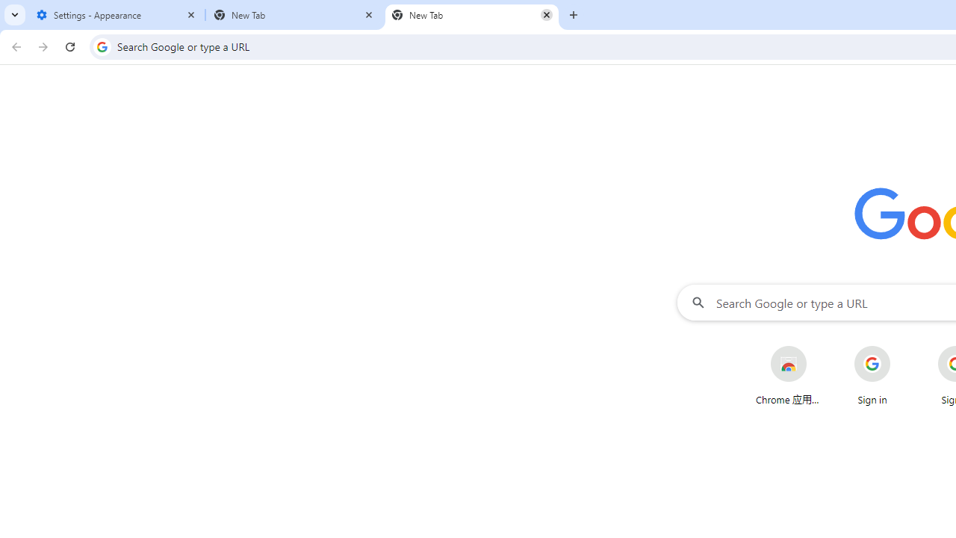  I want to click on 'Settings - Appearance', so click(116, 15).